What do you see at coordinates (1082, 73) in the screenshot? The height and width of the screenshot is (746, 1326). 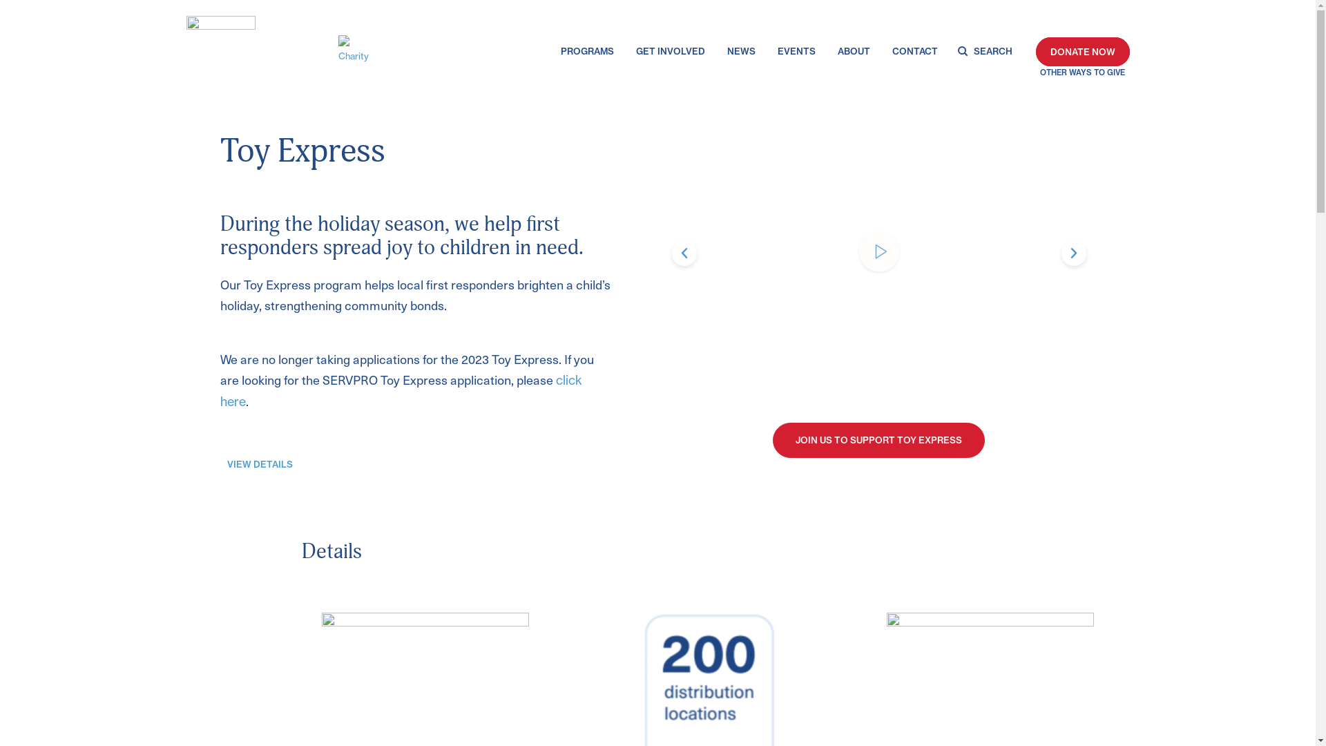 I see `'OTHER WAYS TO GIVE'` at bounding box center [1082, 73].